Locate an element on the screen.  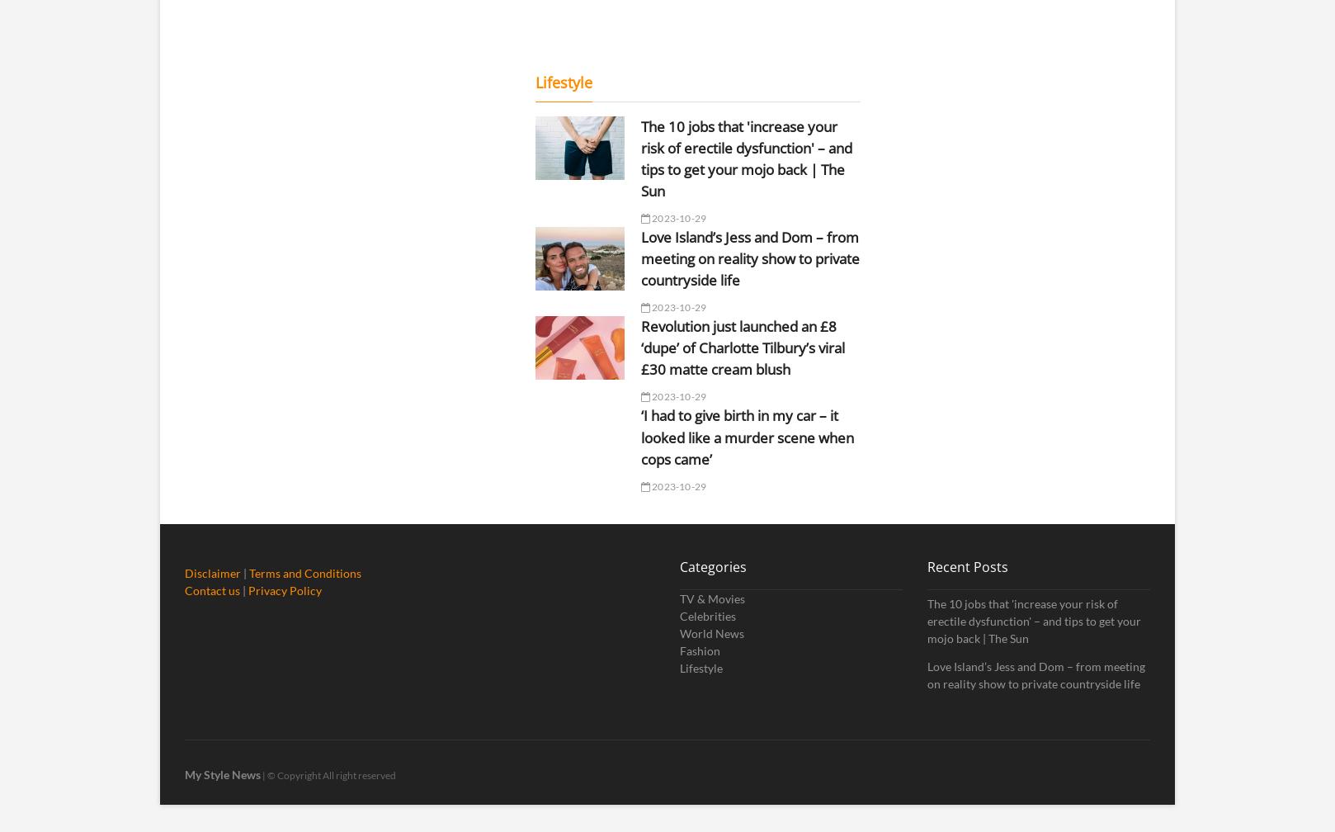
'Privacy Policy' is located at coordinates (285, 589).